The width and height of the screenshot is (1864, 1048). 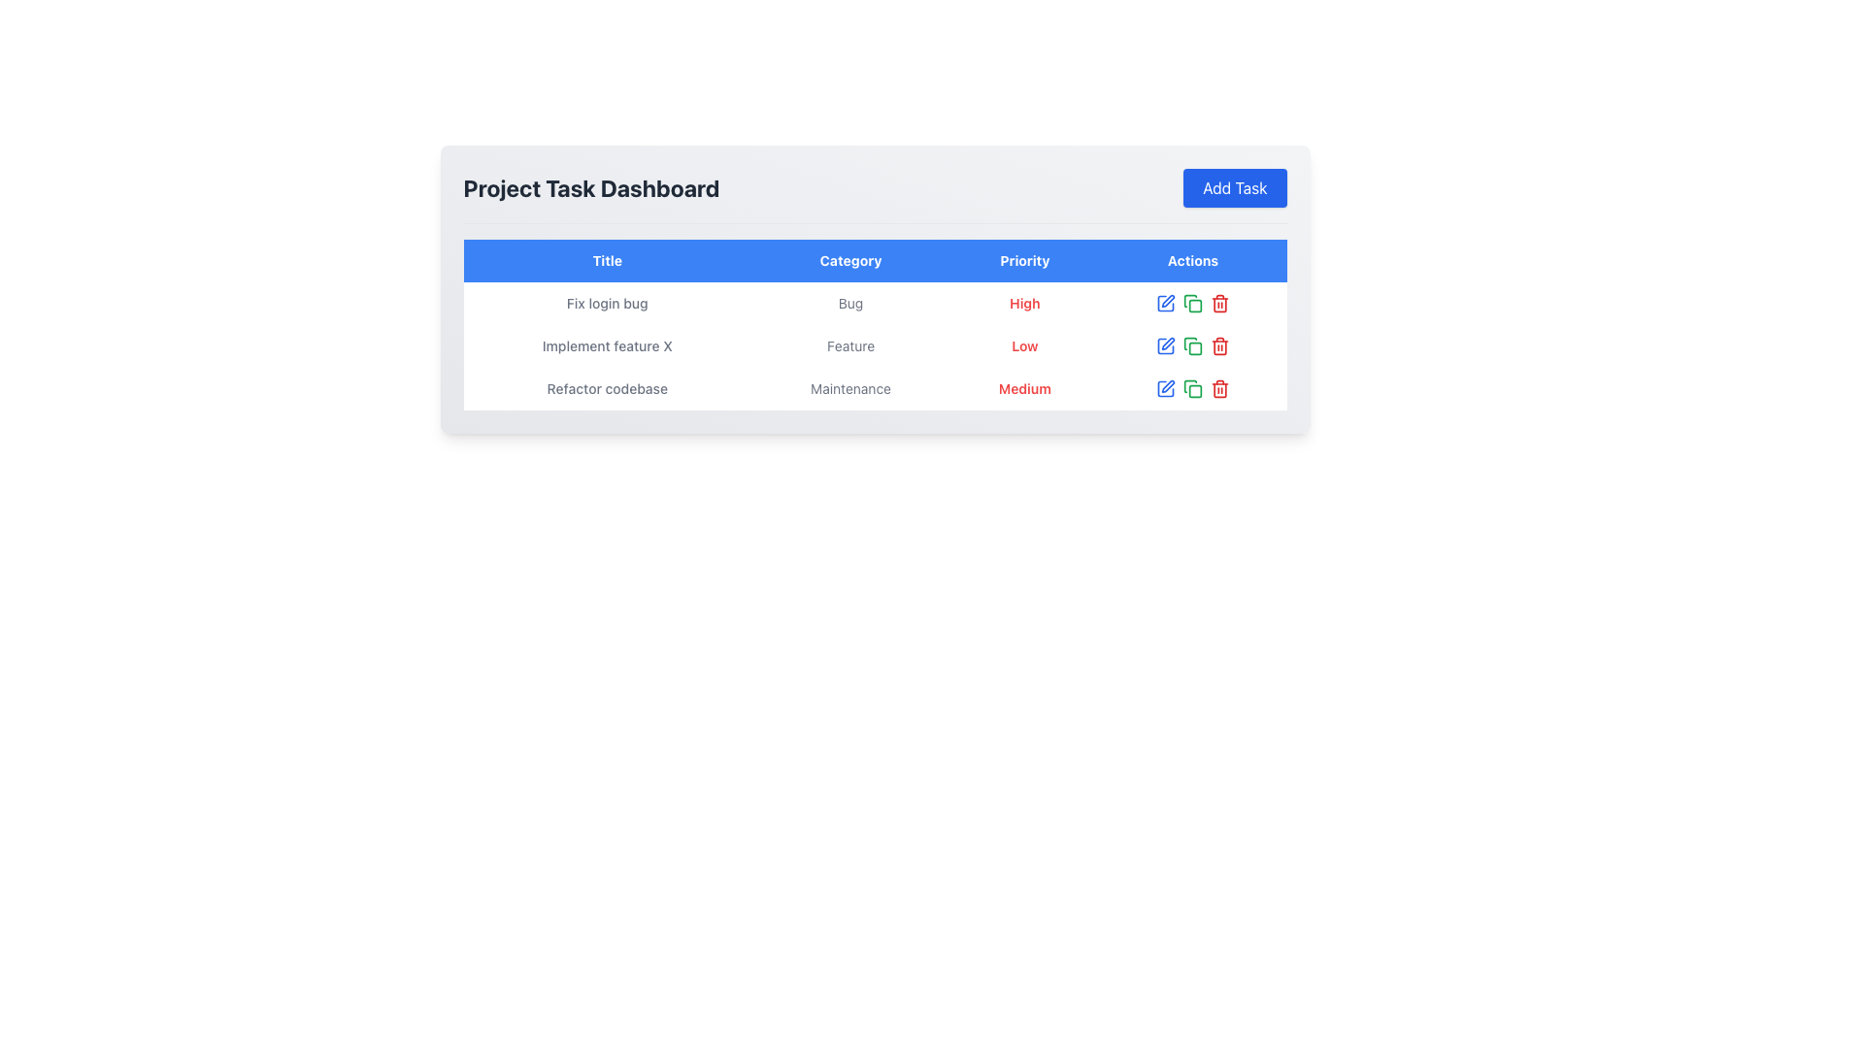 What do you see at coordinates (850, 260) in the screenshot?
I see `the 'Category' label, which is displayed in bold white text on a solid blue background, centrally positioned among the headers in the table` at bounding box center [850, 260].